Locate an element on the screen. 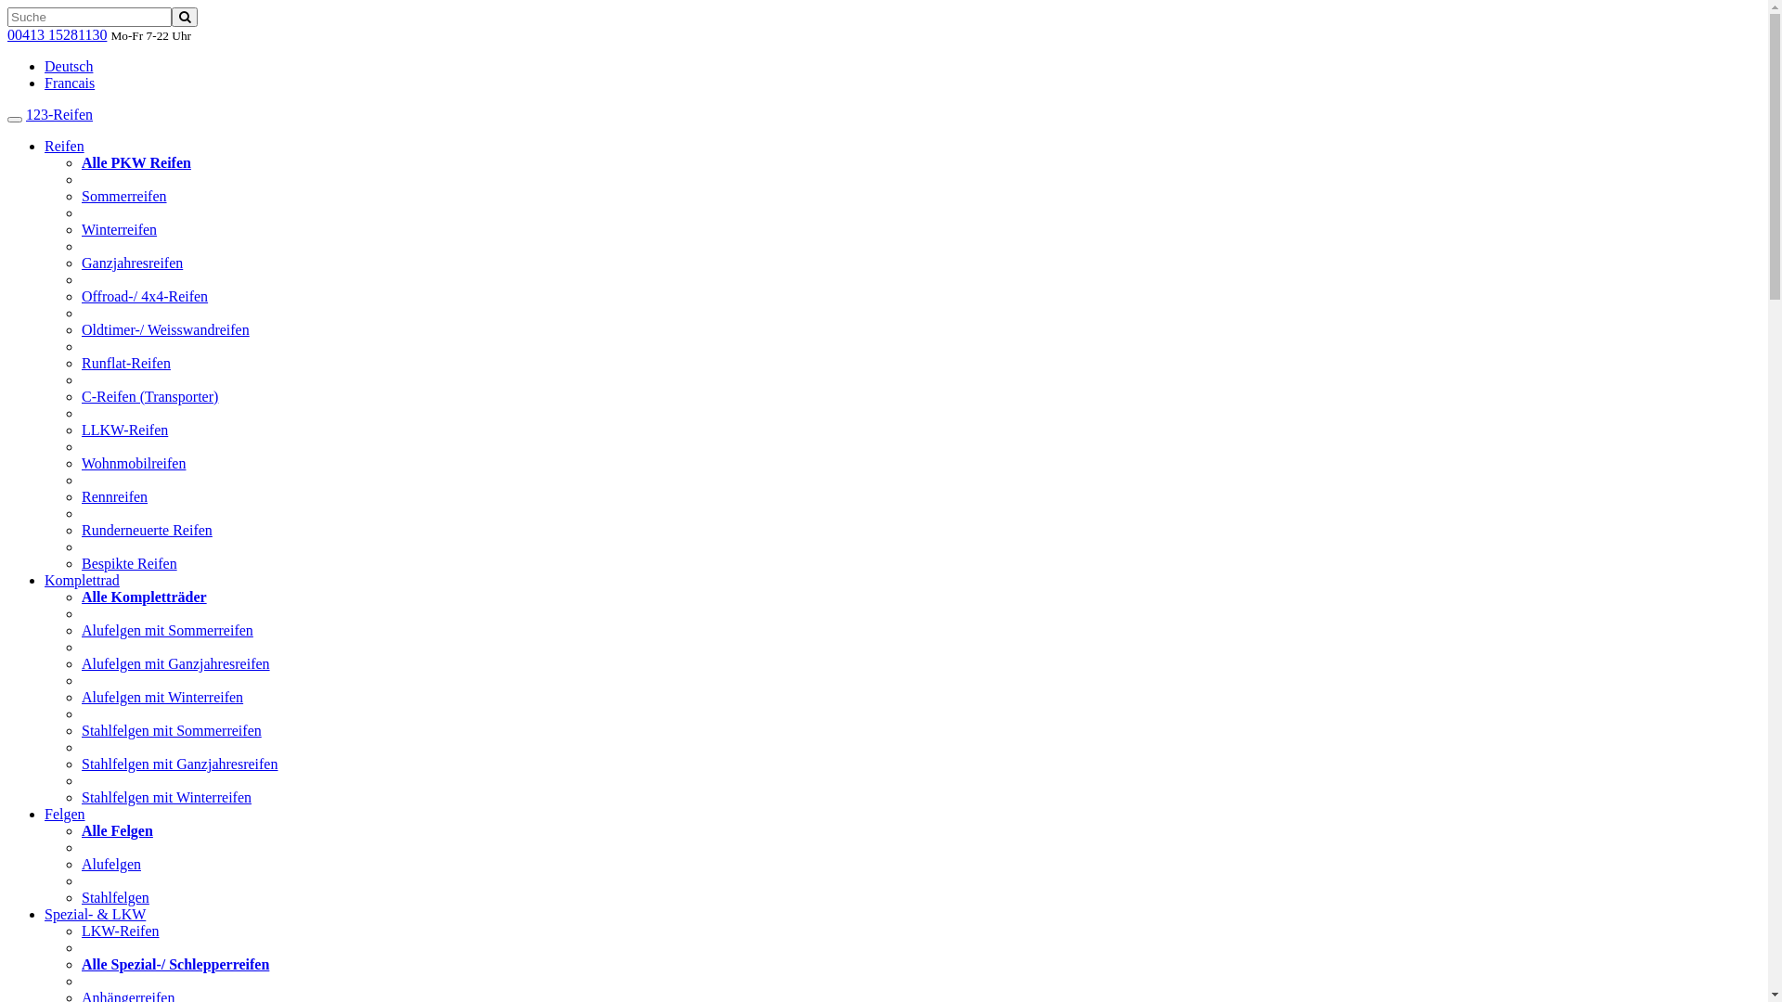  'Bespikte Reifen' is located at coordinates (128, 562).